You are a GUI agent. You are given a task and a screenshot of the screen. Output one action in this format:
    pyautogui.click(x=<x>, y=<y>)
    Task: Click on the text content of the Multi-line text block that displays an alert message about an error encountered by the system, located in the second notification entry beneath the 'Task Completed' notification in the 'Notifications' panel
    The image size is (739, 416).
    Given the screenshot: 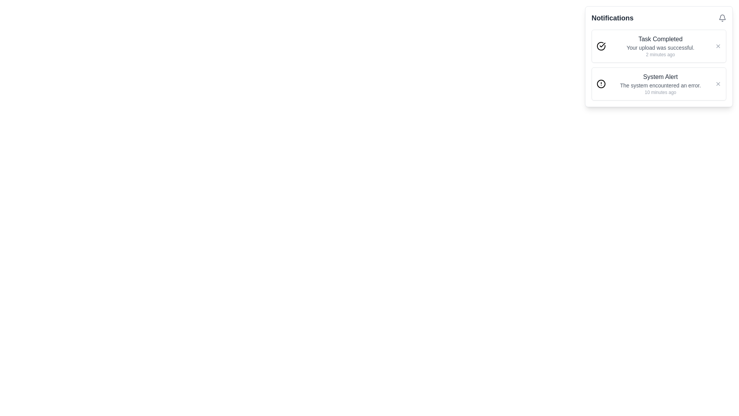 What is the action you would take?
    pyautogui.click(x=660, y=84)
    